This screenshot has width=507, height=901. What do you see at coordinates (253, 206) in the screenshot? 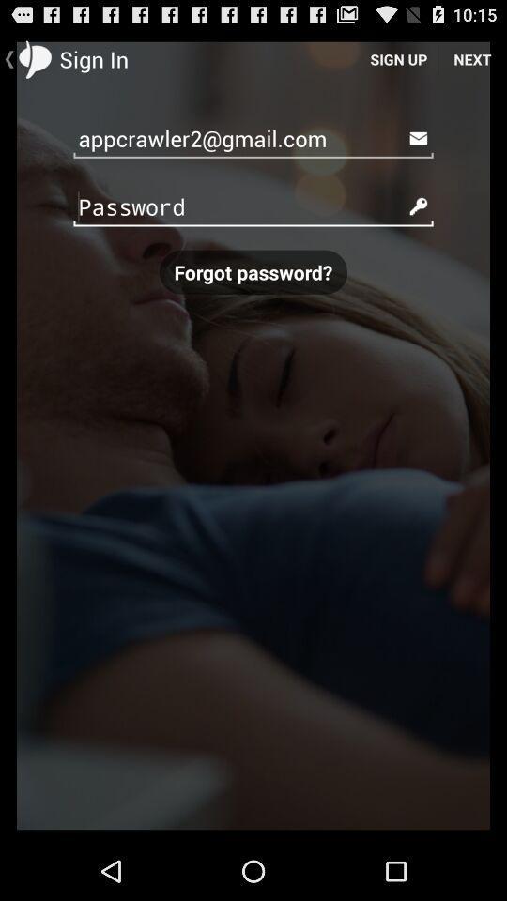
I see `the icon above forgot password?` at bounding box center [253, 206].